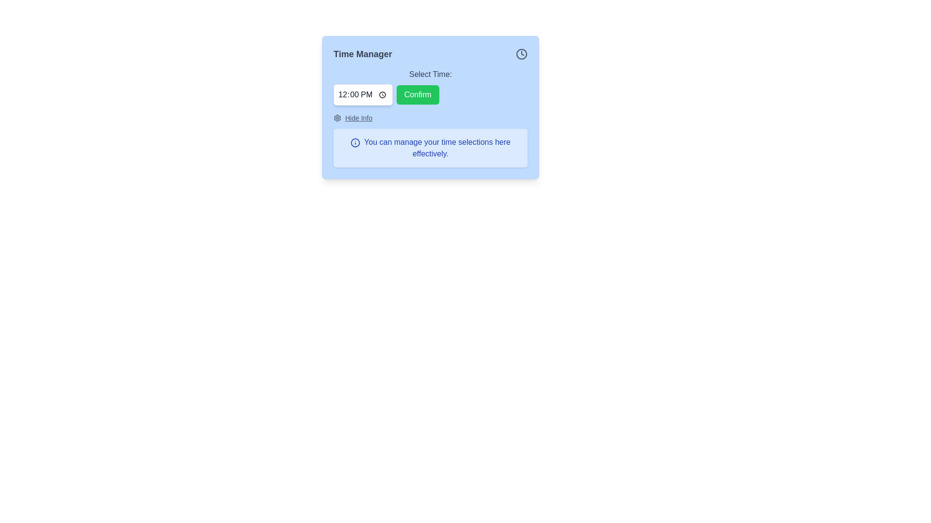 The width and height of the screenshot is (931, 523). I want to click on the static informational notification box with a blue background and rounded corners that contains the message 'You can manage your time selections here effectively.', so click(430, 148).